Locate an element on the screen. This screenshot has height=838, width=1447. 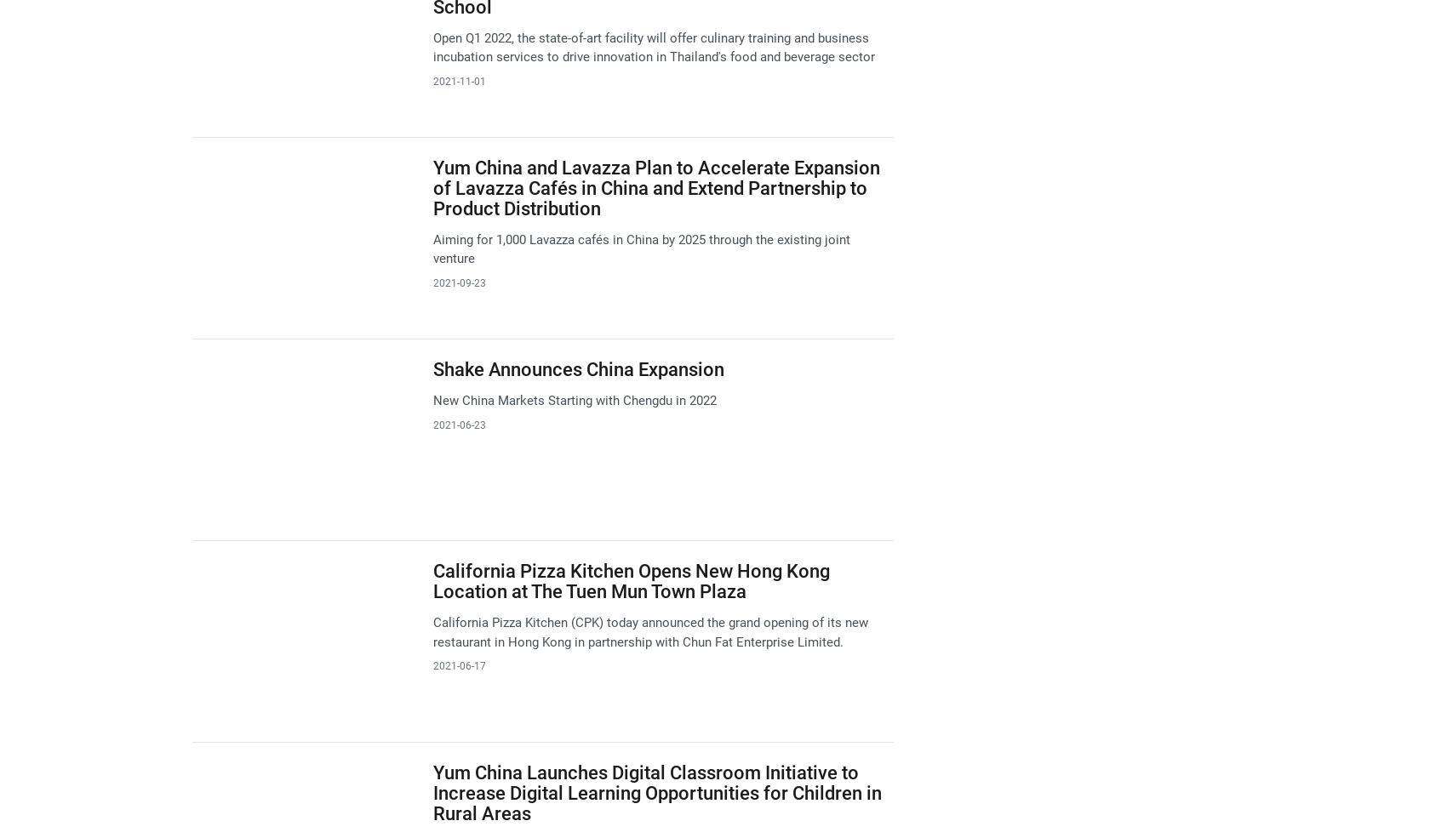
'Yum China Launches Digital Classroom Initiative to Increase Digital Learning Opportunities for Children in Rural Areas' is located at coordinates (655, 792).